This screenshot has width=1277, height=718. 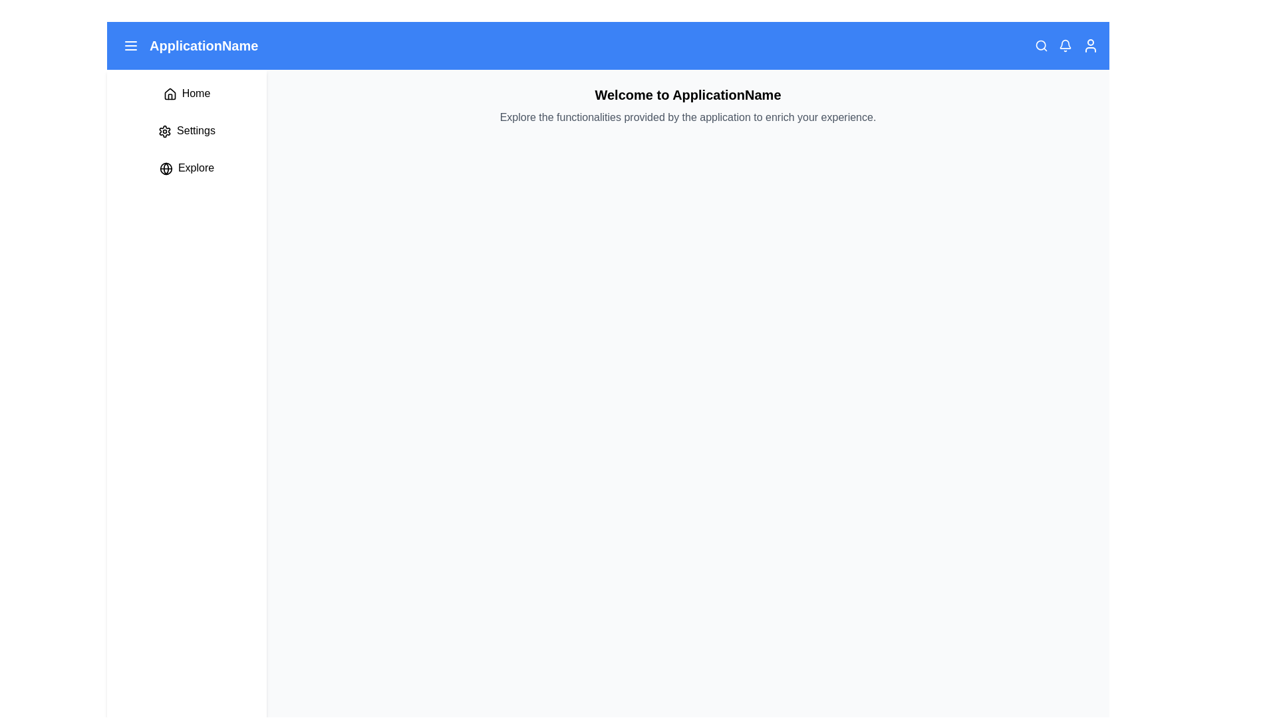 I want to click on informational text block that is gray and smaller in size, located below the 'Welcome to ApplicationName' header, so click(x=688, y=117).